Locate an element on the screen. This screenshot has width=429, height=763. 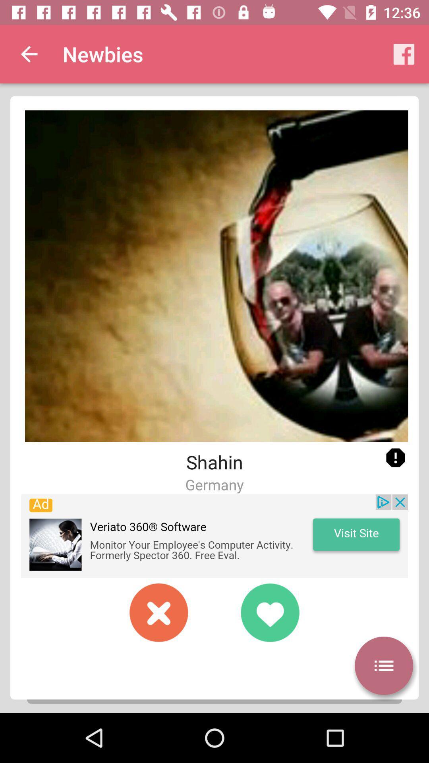
the favorite icon is located at coordinates (269, 612).